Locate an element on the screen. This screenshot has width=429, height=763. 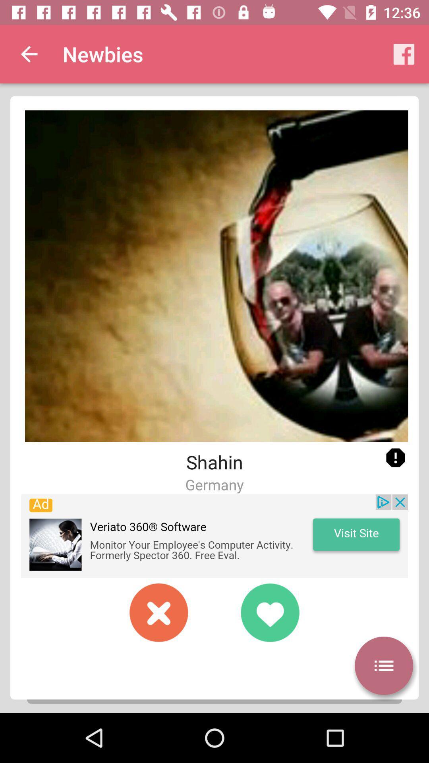
the favorite icon is located at coordinates (269, 612).